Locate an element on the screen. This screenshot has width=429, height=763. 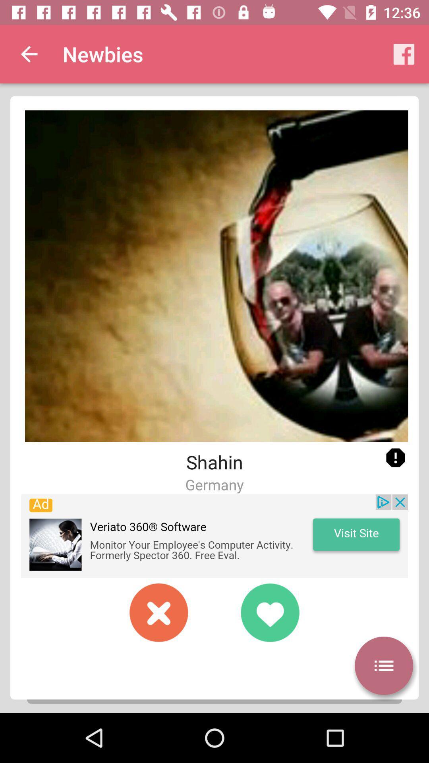
the favorite icon is located at coordinates (269, 612).